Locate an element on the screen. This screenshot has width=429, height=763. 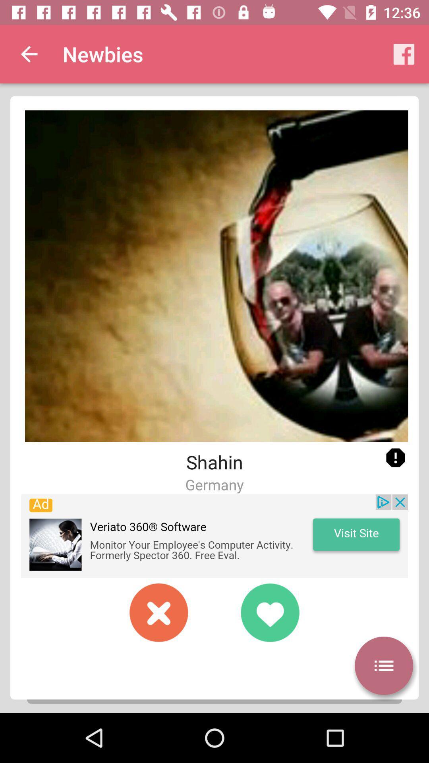
the favorite icon is located at coordinates (269, 612).